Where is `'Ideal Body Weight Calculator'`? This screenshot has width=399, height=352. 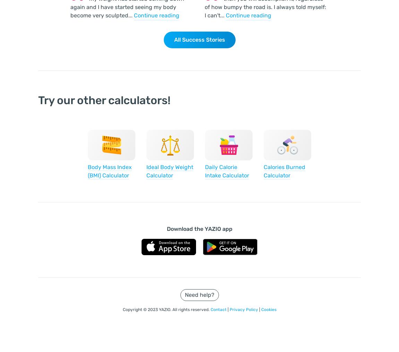 'Ideal Body Weight Calculator' is located at coordinates (146, 171).